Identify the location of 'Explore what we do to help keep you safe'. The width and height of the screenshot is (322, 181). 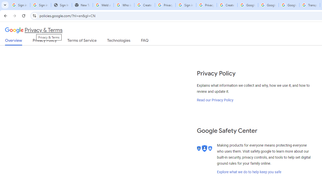
(249, 172).